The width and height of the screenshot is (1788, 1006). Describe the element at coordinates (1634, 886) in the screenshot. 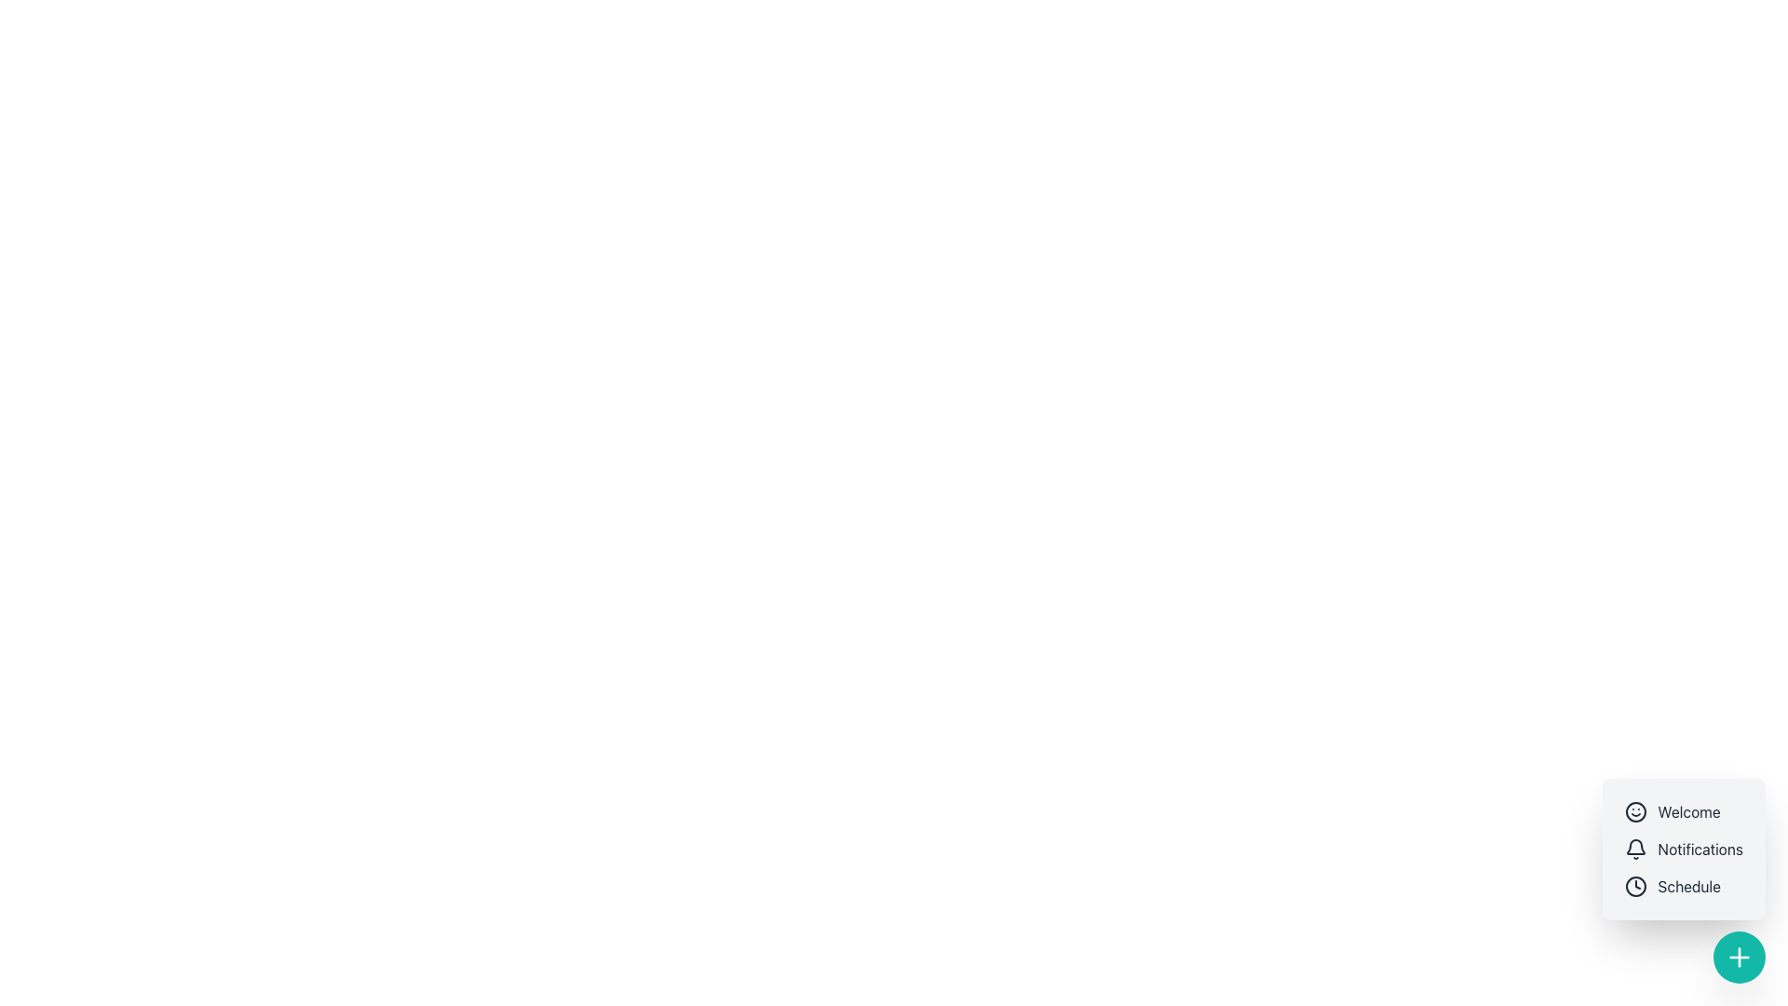

I see `the circular SVG component representing the outer border of the clock icon, which is part of the clock-like visual design adjacent to the 'Schedule' text in the floating menu box` at that location.